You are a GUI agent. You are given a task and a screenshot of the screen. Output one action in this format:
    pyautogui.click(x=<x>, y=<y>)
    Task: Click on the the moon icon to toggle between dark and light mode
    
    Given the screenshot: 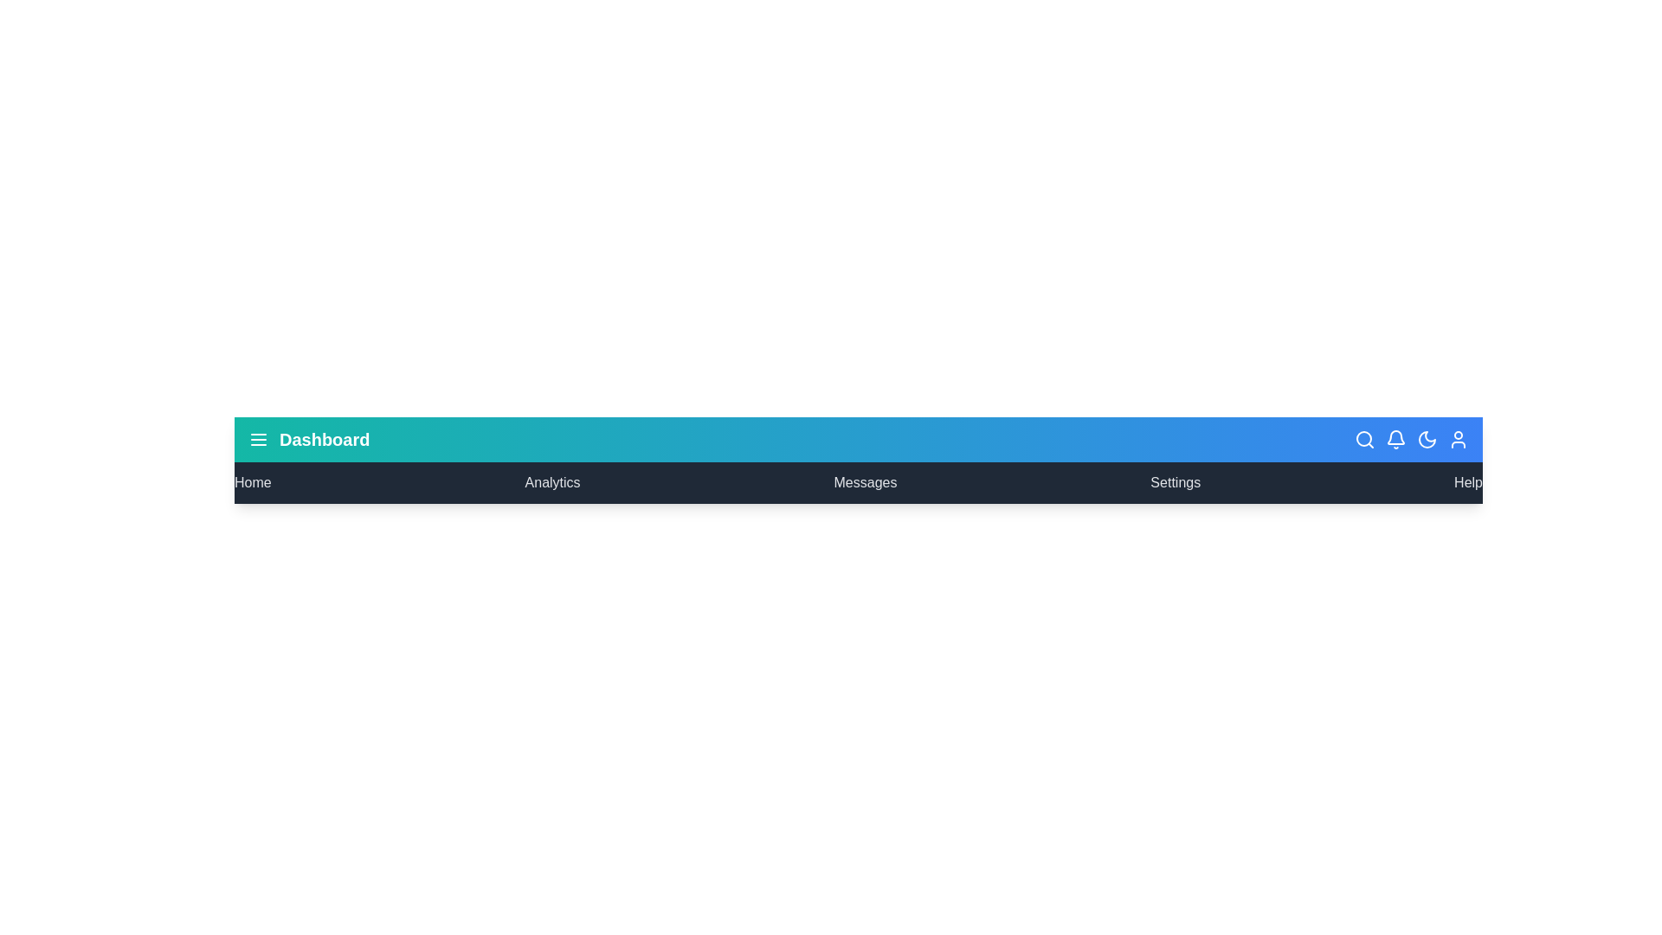 What is the action you would take?
    pyautogui.click(x=1427, y=439)
    